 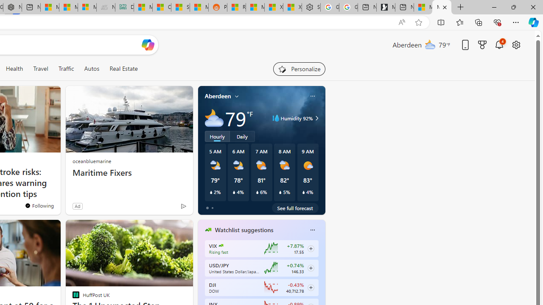 What do you see at coordinates (221, 245) in the screenshot?
I see `'CBOE Market Volatility Index'` at bounding box center [221, 245].